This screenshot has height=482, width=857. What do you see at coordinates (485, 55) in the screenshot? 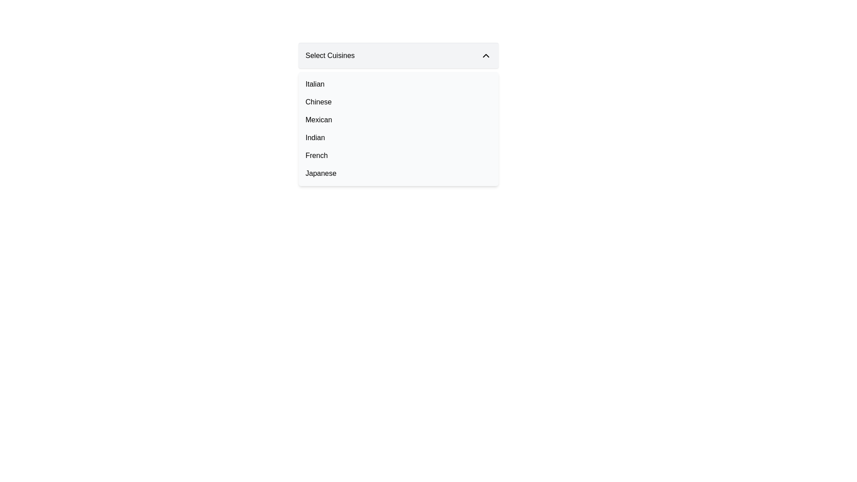
I see `the chevron icon button located to the right of the 'Select Cuisines' text` at bounding box center [485, 55].